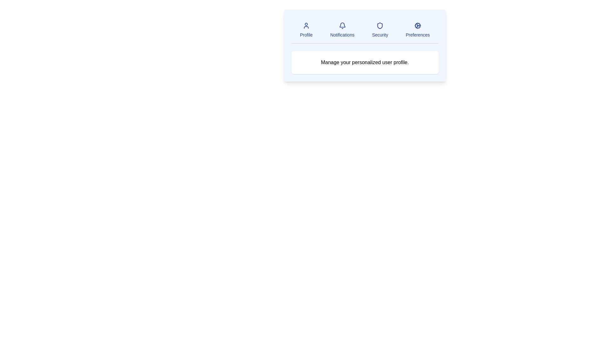  Describe the element at coordinates (342, 30) in the screenshot. I see `the tab labeled Notifications` at that location.